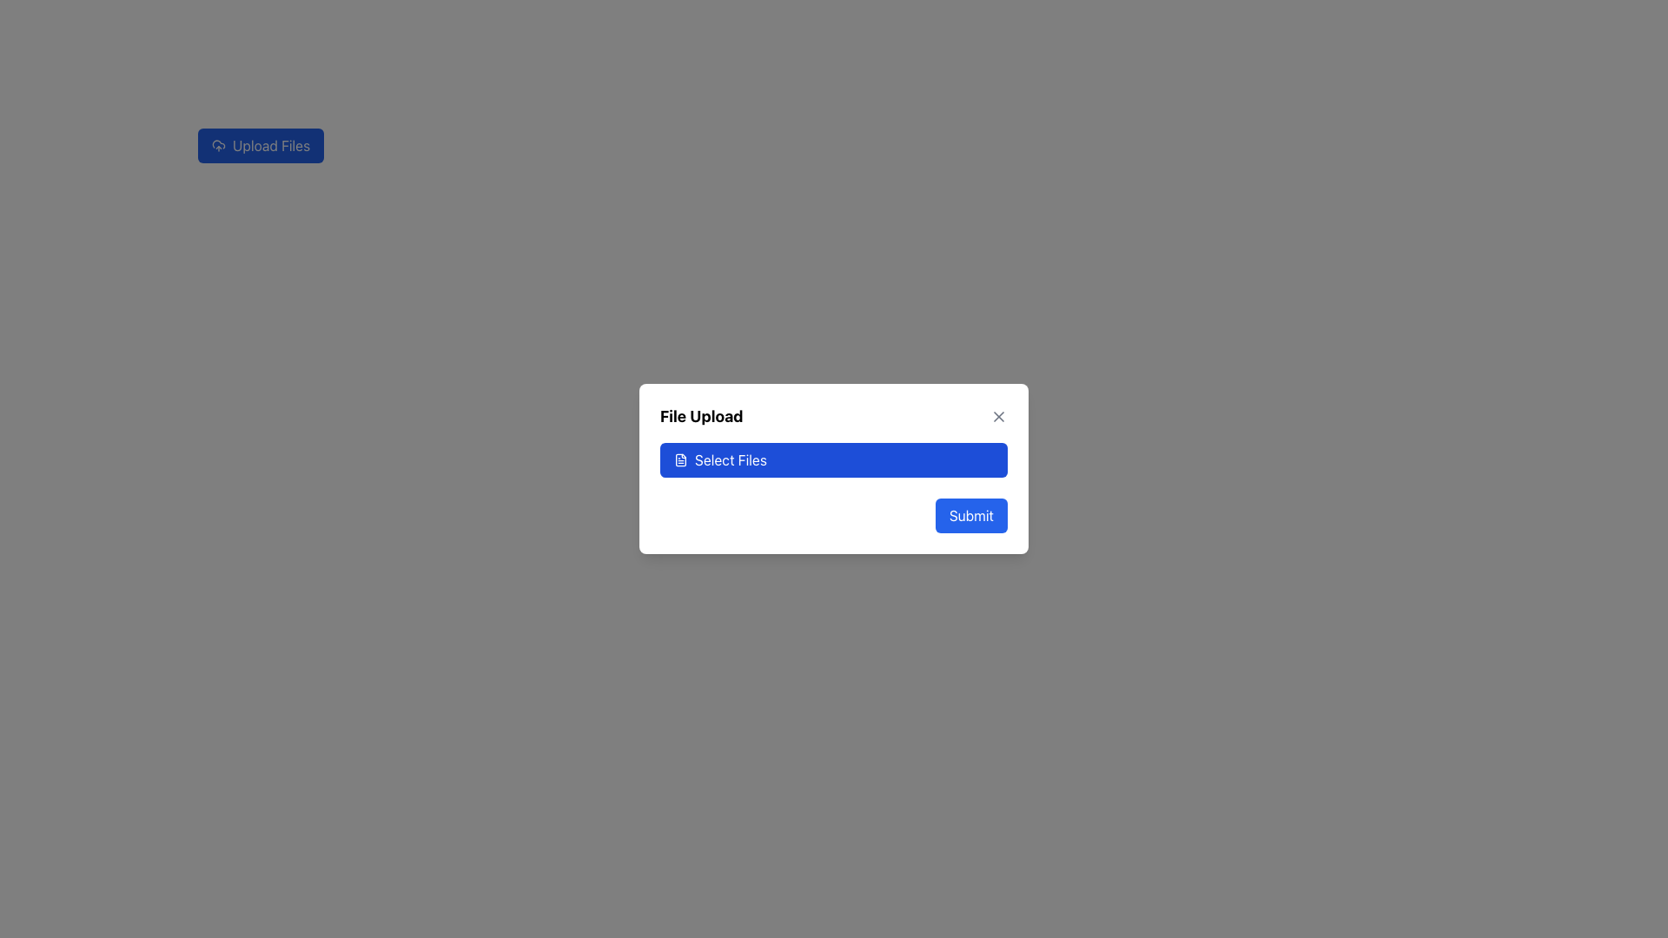 The height and width of the screenshot is (938, 1668). Describe the element at coordinates (218, 145) in the screenshot. I see `the cloud icon with an upward arrow that represents the 'Upload Files' button, located at the top-left of the interface` at that location.